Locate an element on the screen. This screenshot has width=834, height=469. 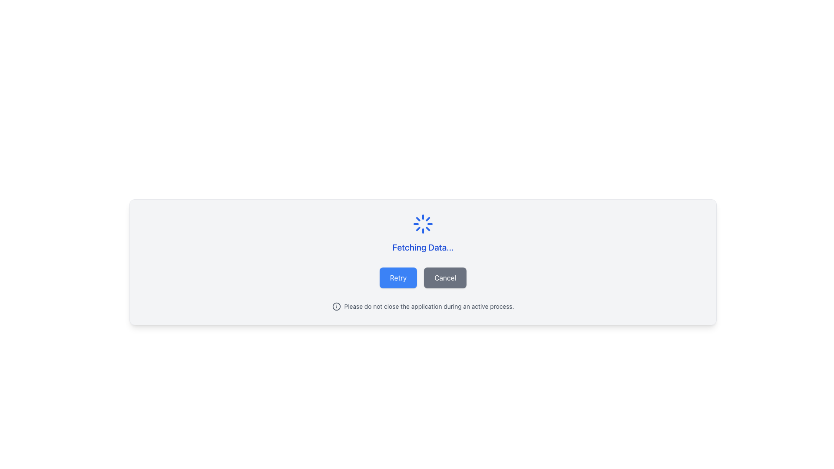
the gray text that reads 'Please do not close the application during an active process.' positioned below the 'Retry' and 'Cancel' buttons is located at coordinates (429, 306).